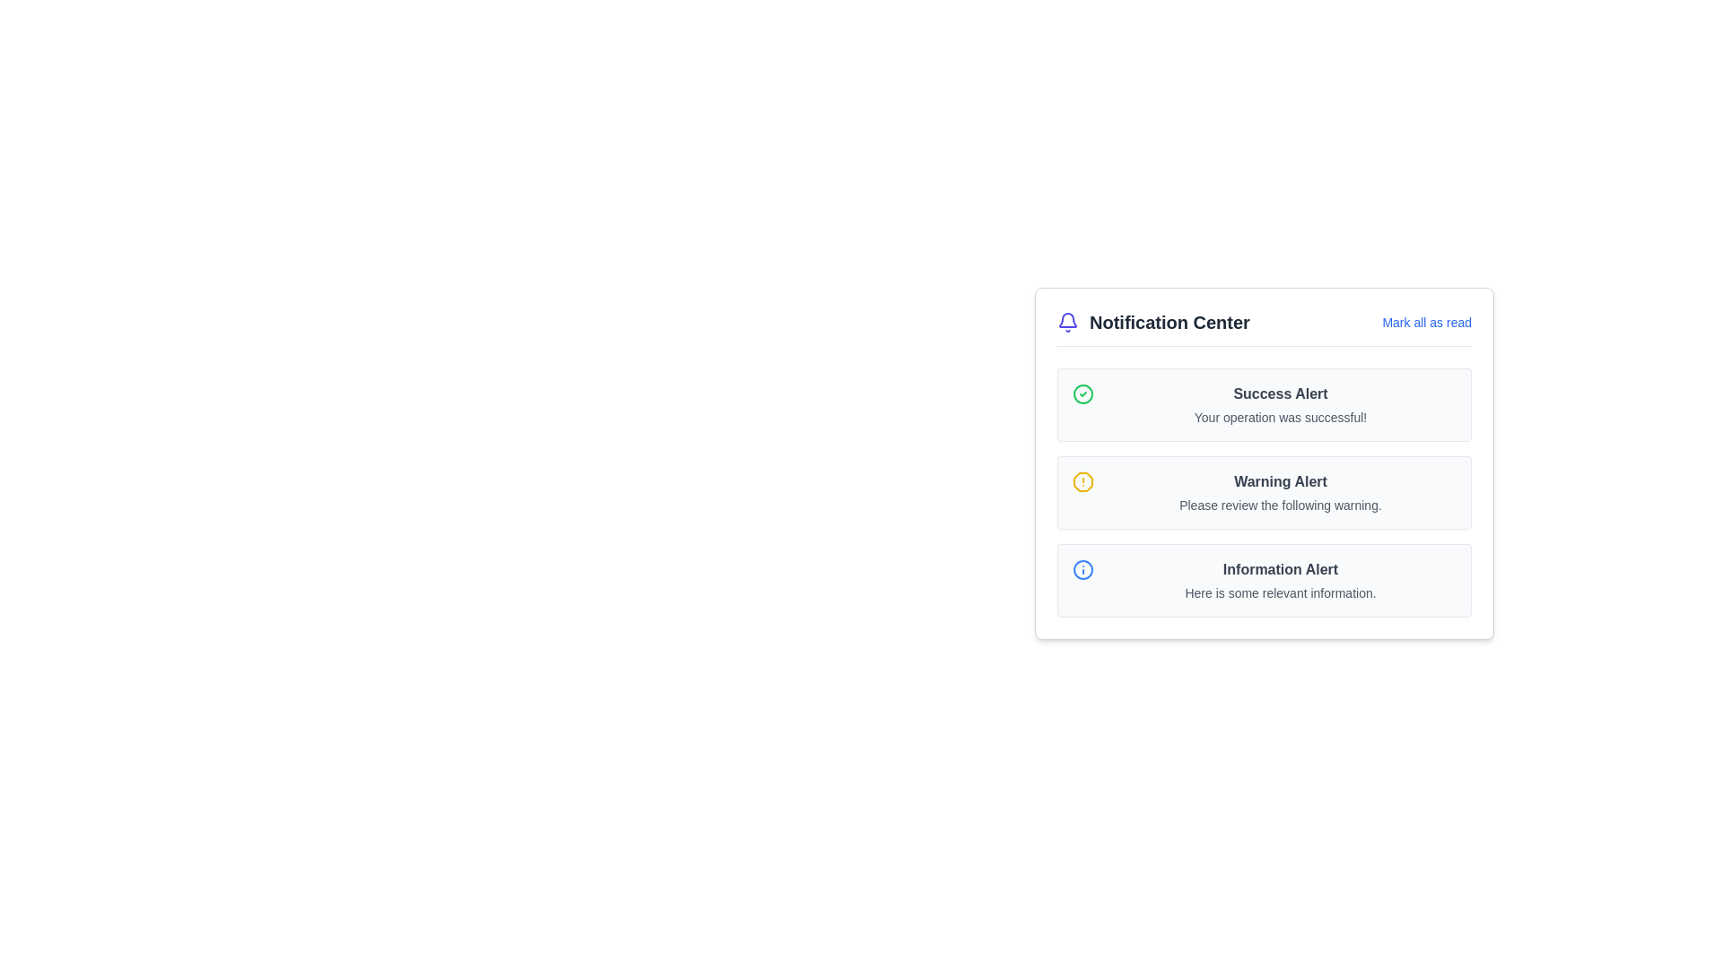 Image resolution: width=1722 pixels, height=968 pixels. What do you see at coordinates (1426, 321) in the screenshot?
I see `the 'Mark all as read' button using keyboard navigation` at bounding box center [1426, 321].